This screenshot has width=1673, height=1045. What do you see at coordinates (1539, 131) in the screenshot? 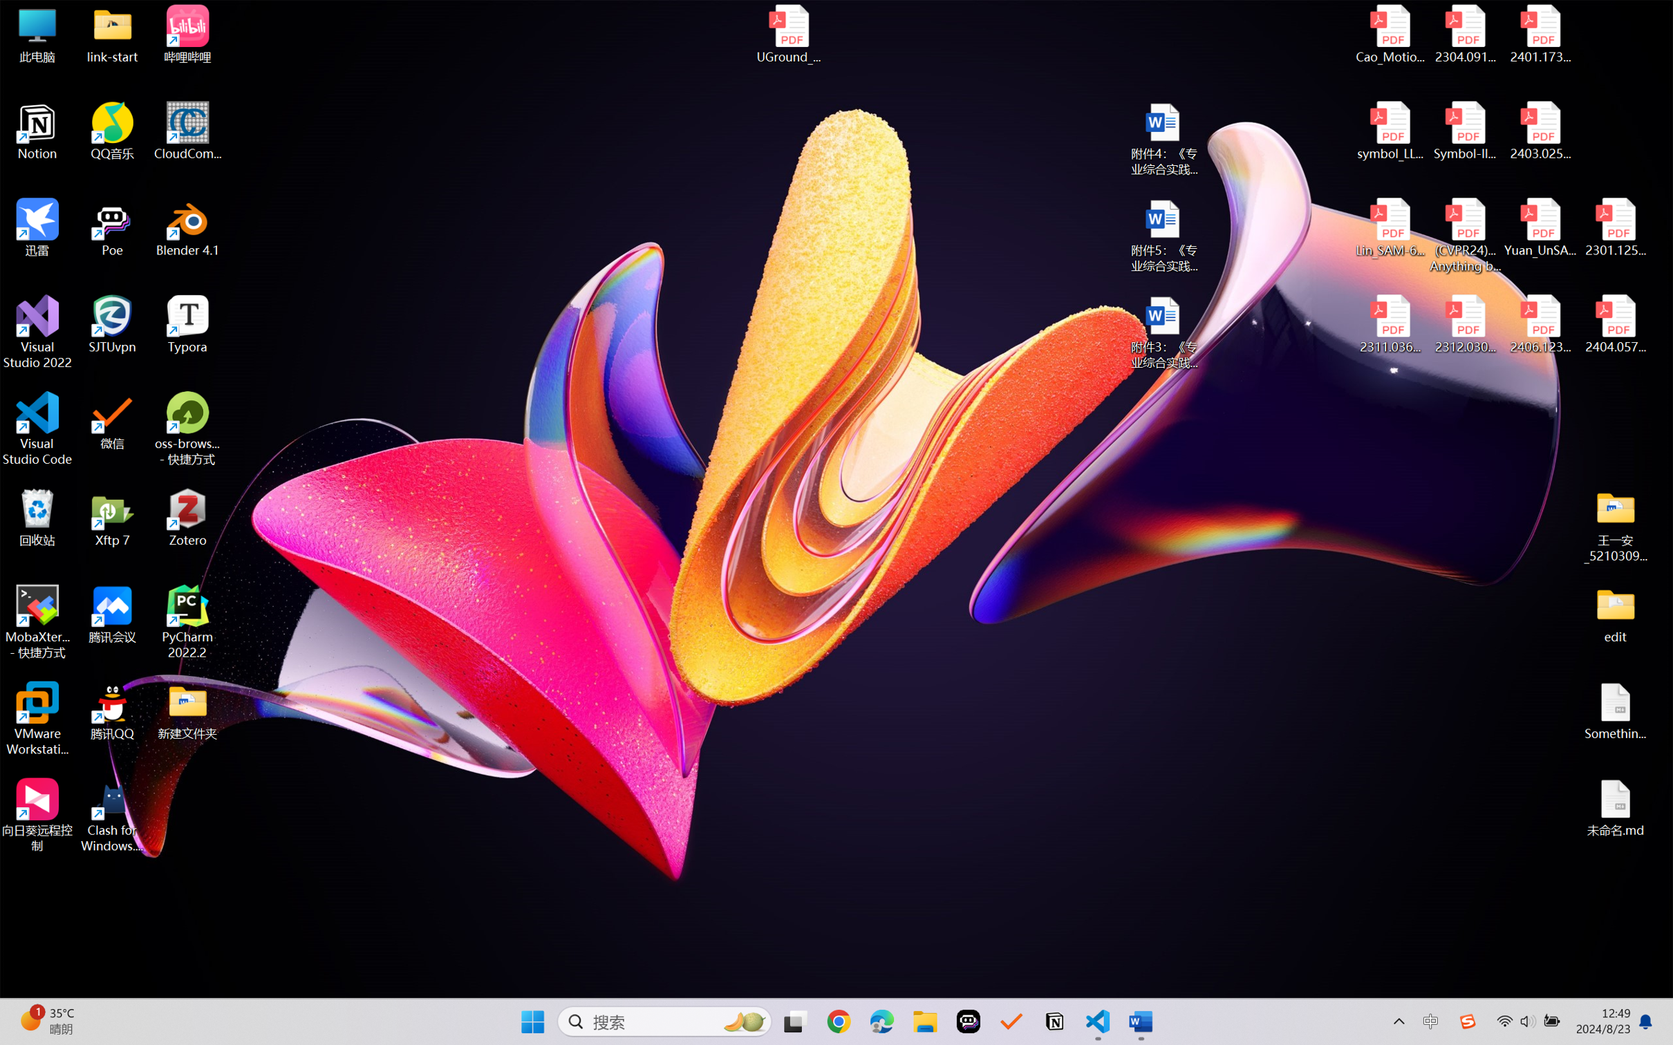
I see `'2403.02502v1.pdf'` at bounding box center [1539, 131].